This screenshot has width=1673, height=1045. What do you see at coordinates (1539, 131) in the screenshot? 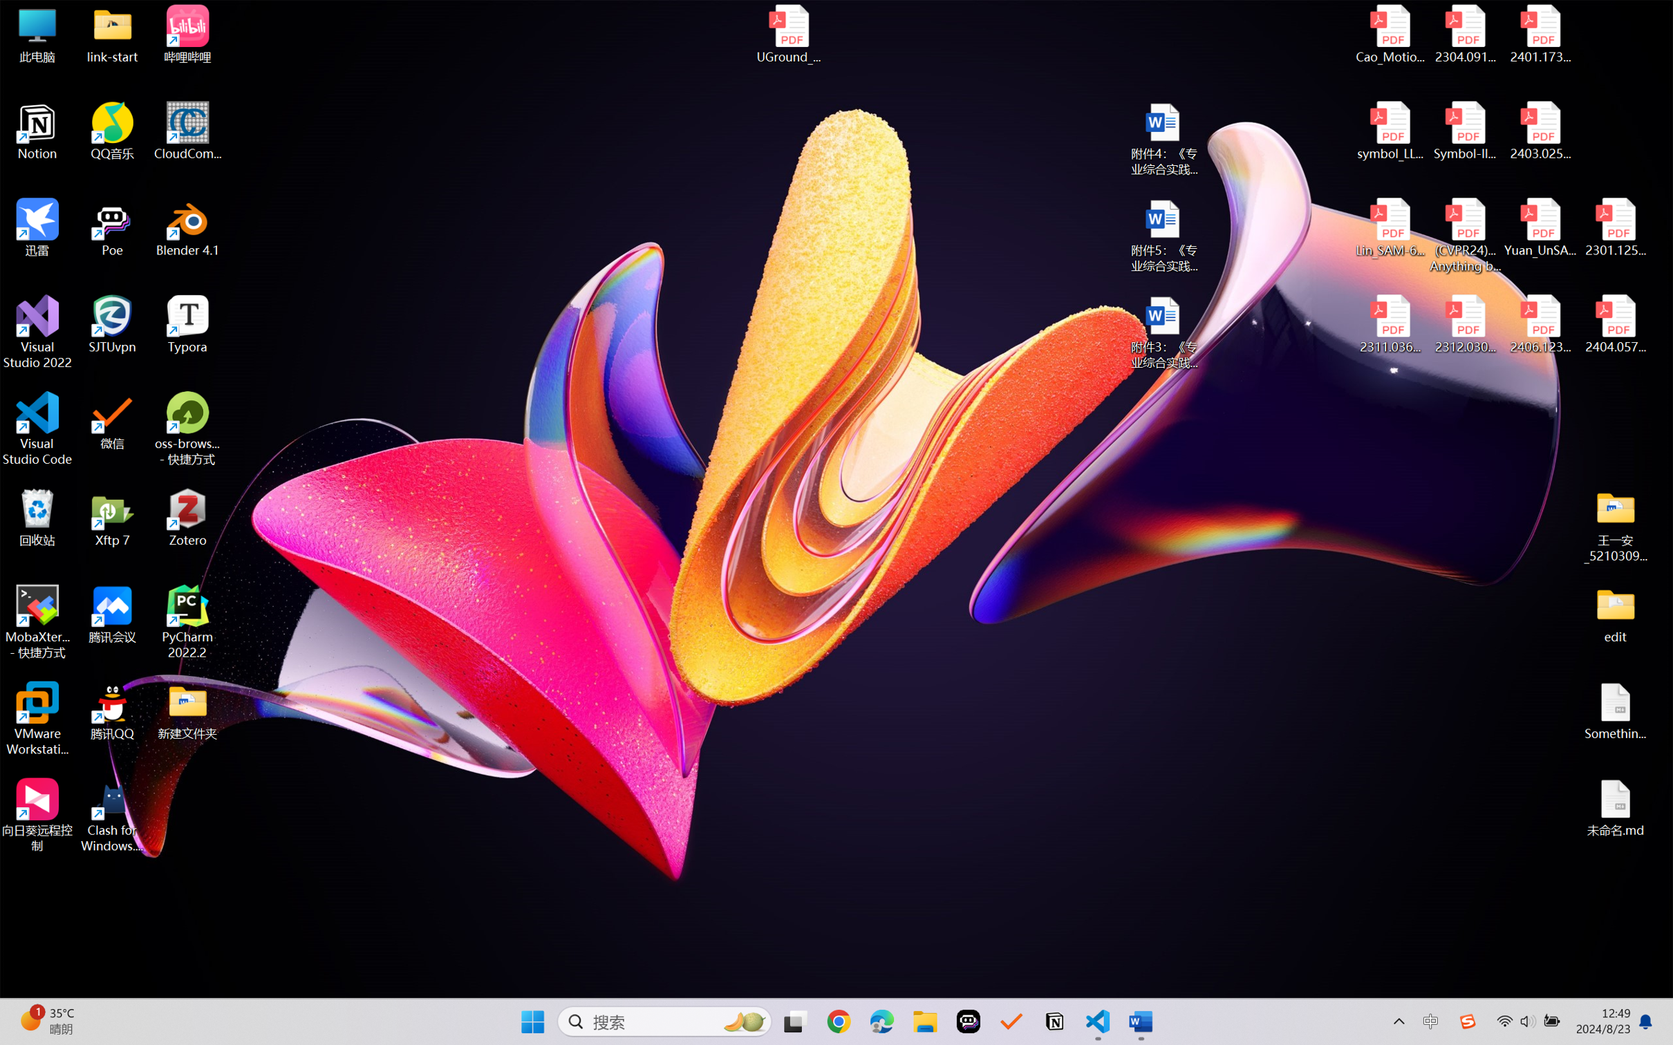
I see `'2403.02502v1.pdf'` at bounding box center [1539, 131].